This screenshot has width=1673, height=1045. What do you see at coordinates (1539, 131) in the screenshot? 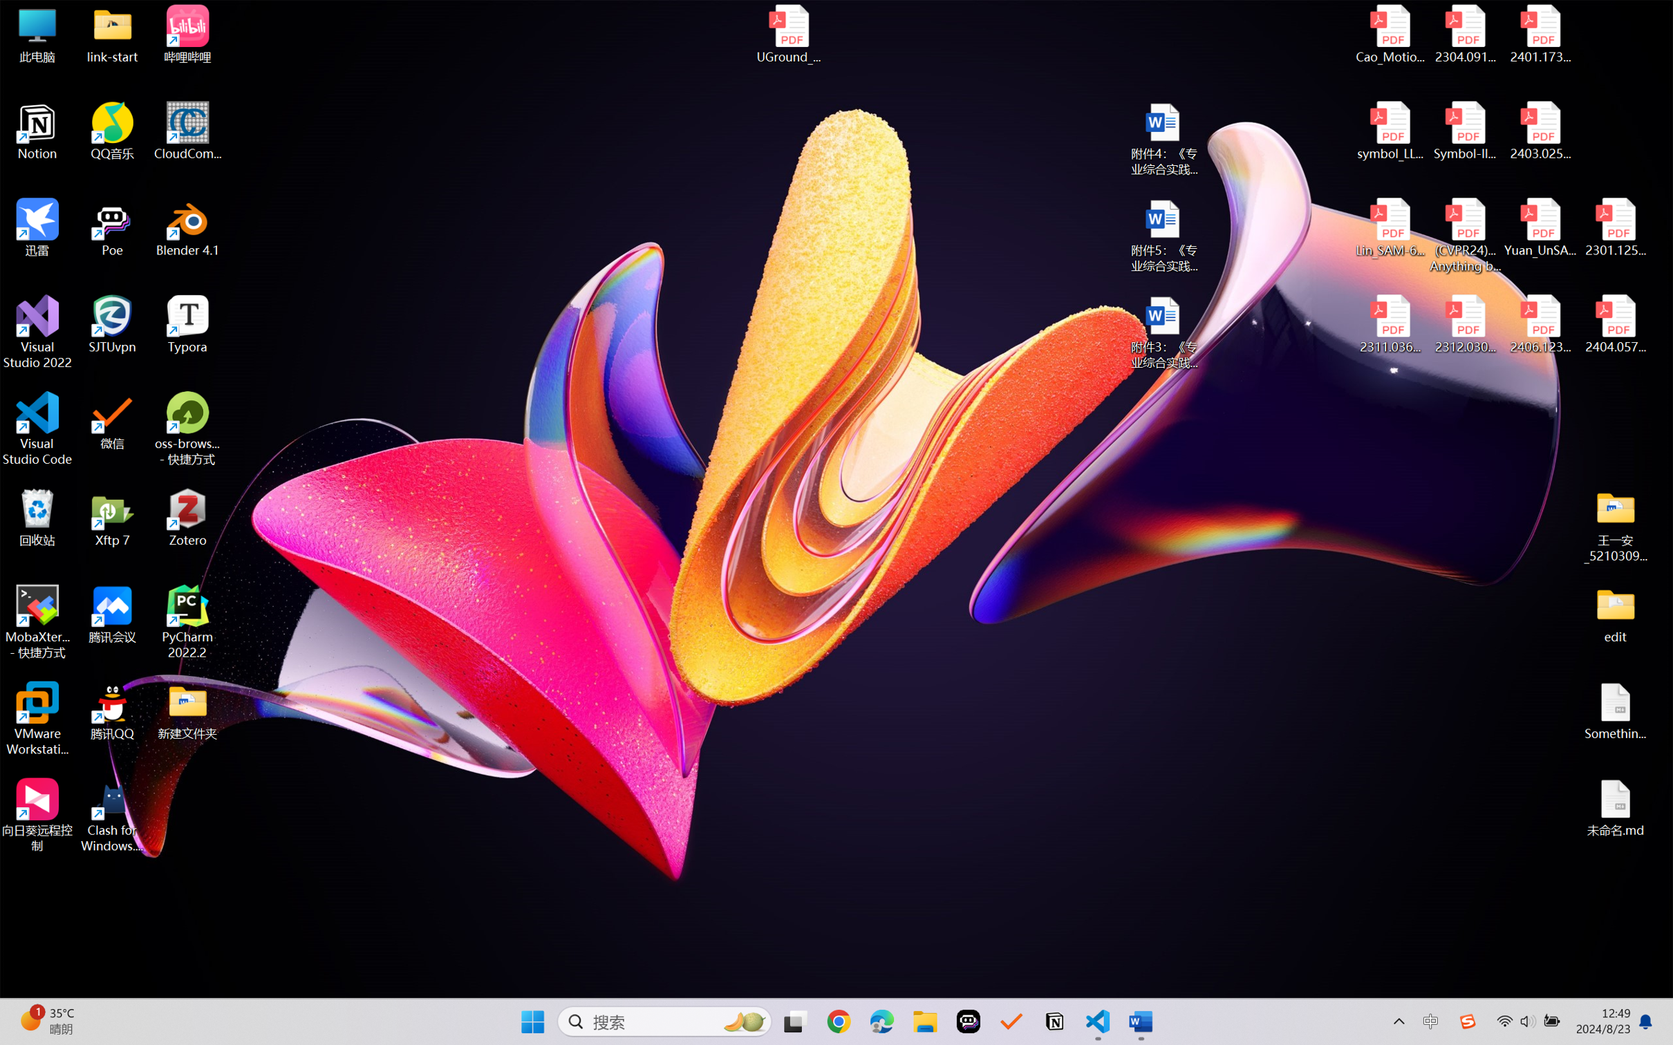
I see `'2403.02502v1.pdf'` at bounding box center [1539, 131].